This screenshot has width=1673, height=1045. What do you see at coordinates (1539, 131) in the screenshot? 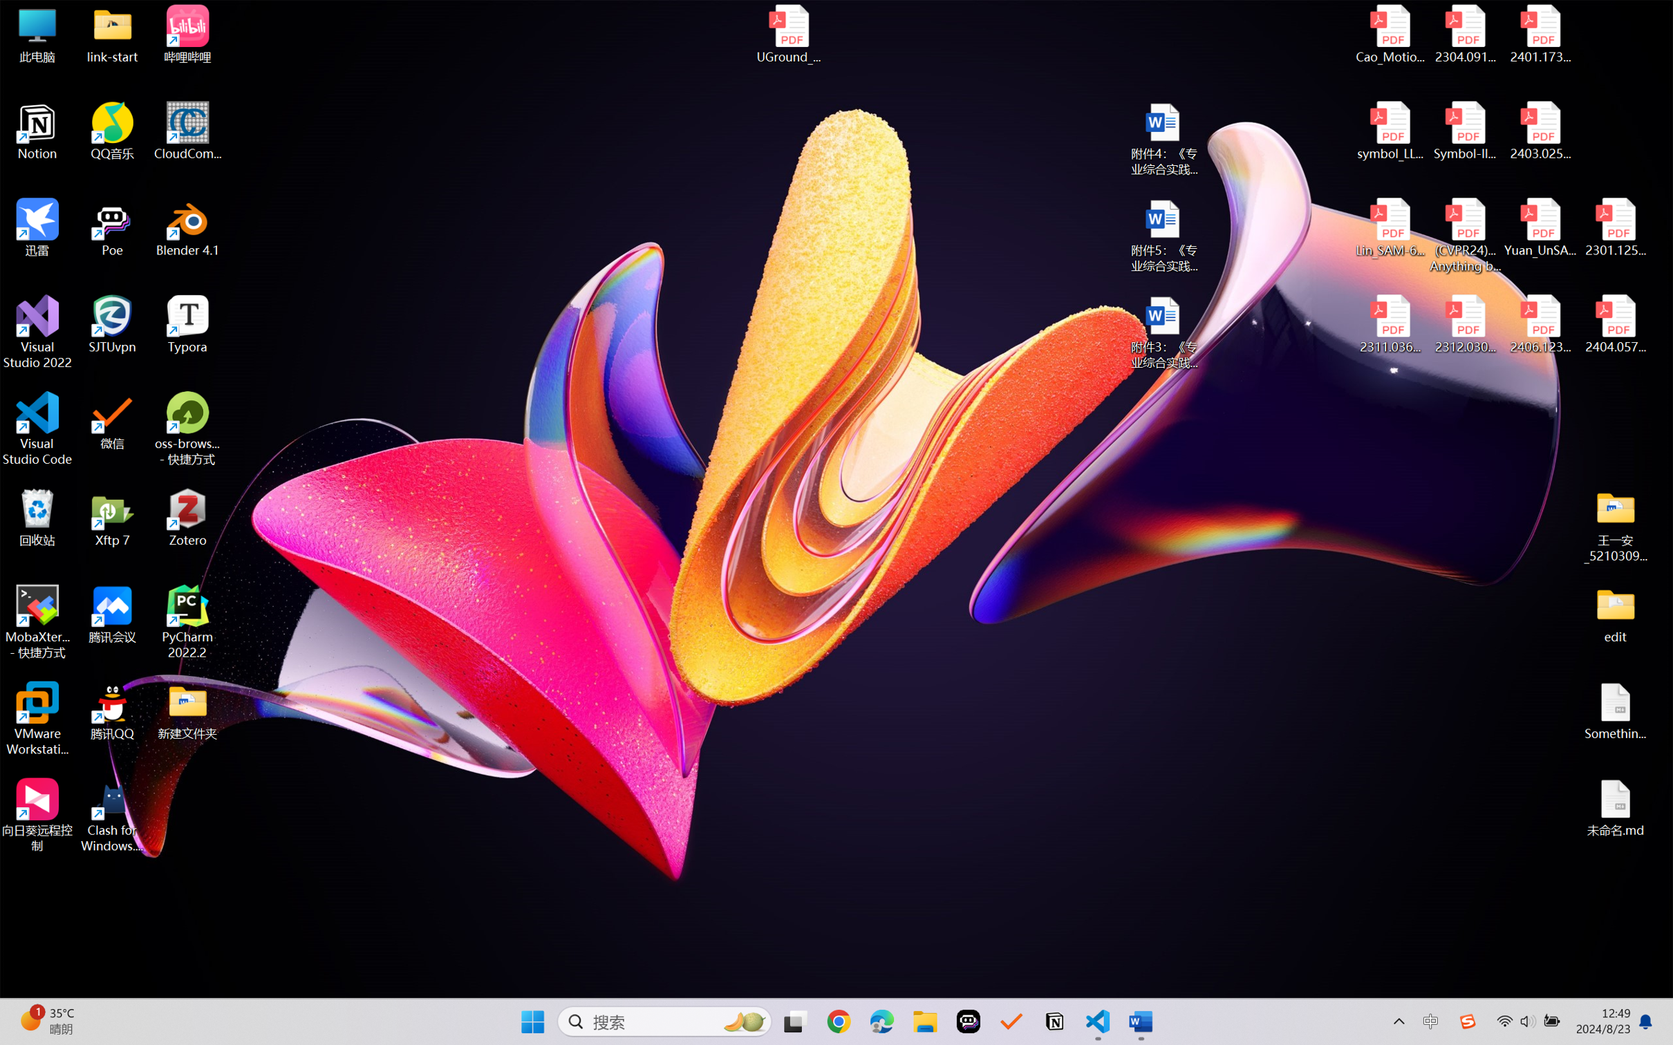
I see `'2403.02502v1.pdf'` at bounding box center [1539, 131].